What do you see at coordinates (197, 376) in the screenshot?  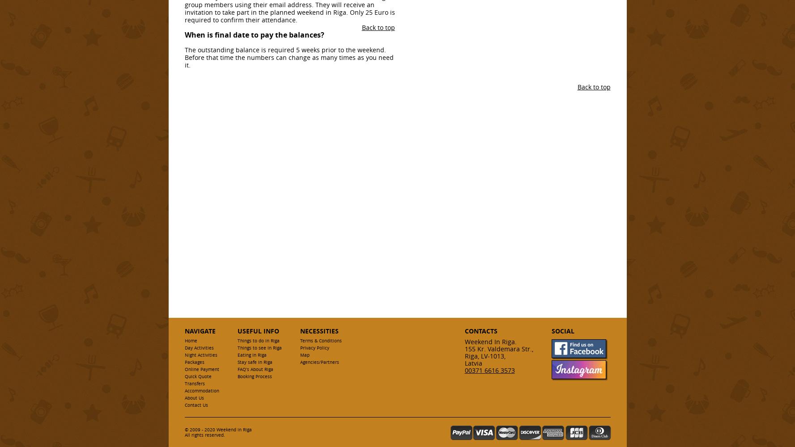 I see `'Quick Quote'` at bounding box center [197, 376].